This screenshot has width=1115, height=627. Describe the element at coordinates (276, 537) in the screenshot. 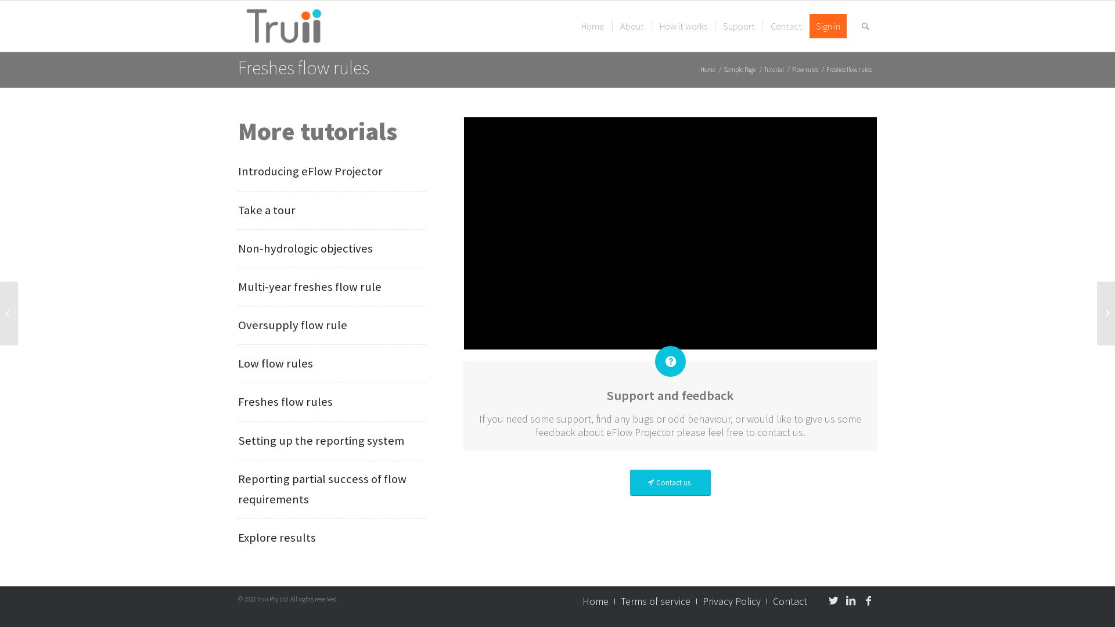

I see `'Explore results'` at that location.